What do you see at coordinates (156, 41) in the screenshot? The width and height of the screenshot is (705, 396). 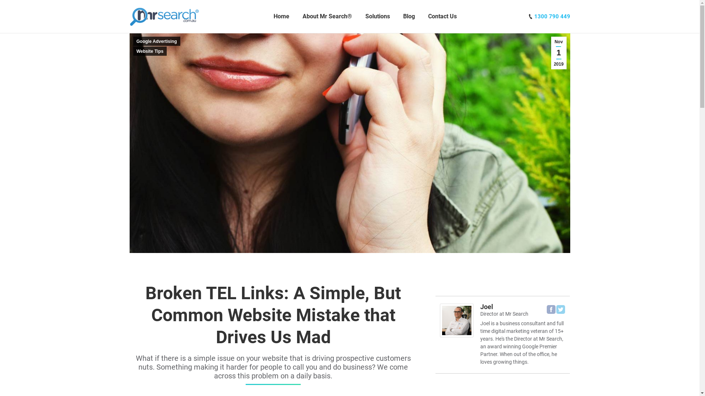 I see `'Google Advertising'` at bounding box center [156, 41].